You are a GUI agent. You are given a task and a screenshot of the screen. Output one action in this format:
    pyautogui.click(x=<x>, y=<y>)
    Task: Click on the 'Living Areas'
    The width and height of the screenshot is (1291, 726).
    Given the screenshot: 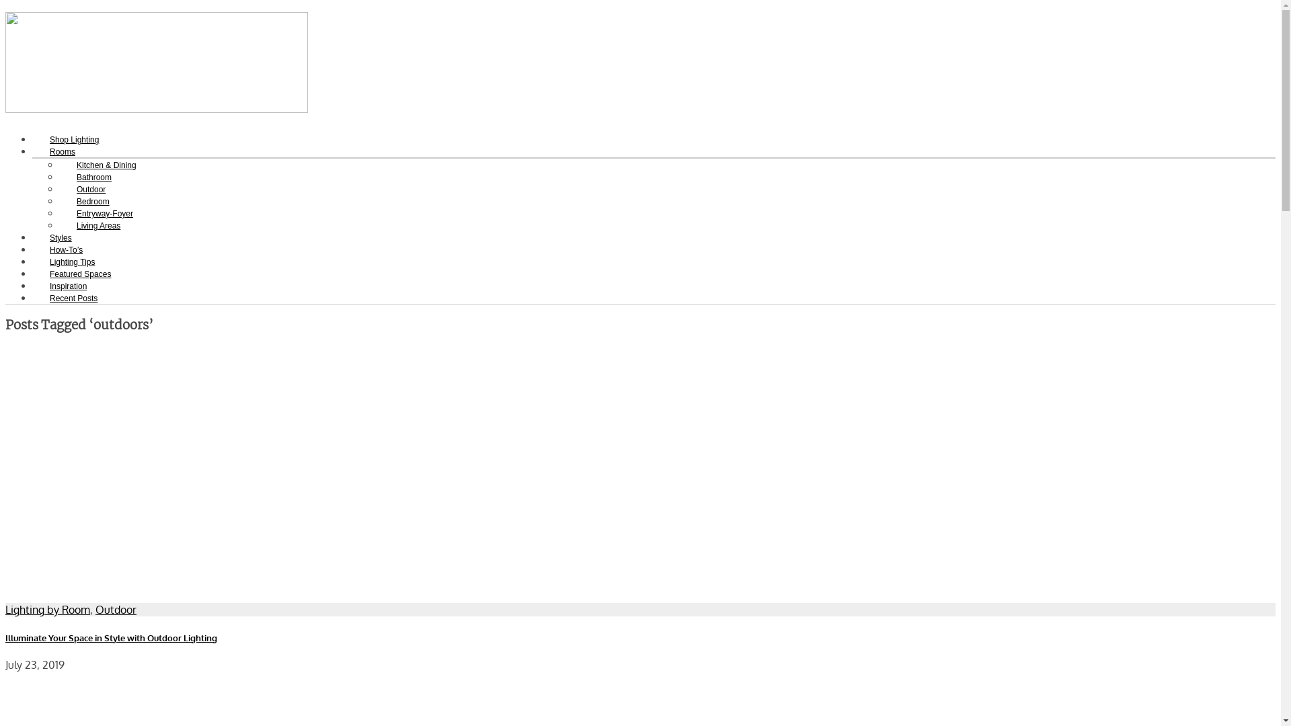 What is the action you would take?
    pyautogui.click(x=97, y=225)
    